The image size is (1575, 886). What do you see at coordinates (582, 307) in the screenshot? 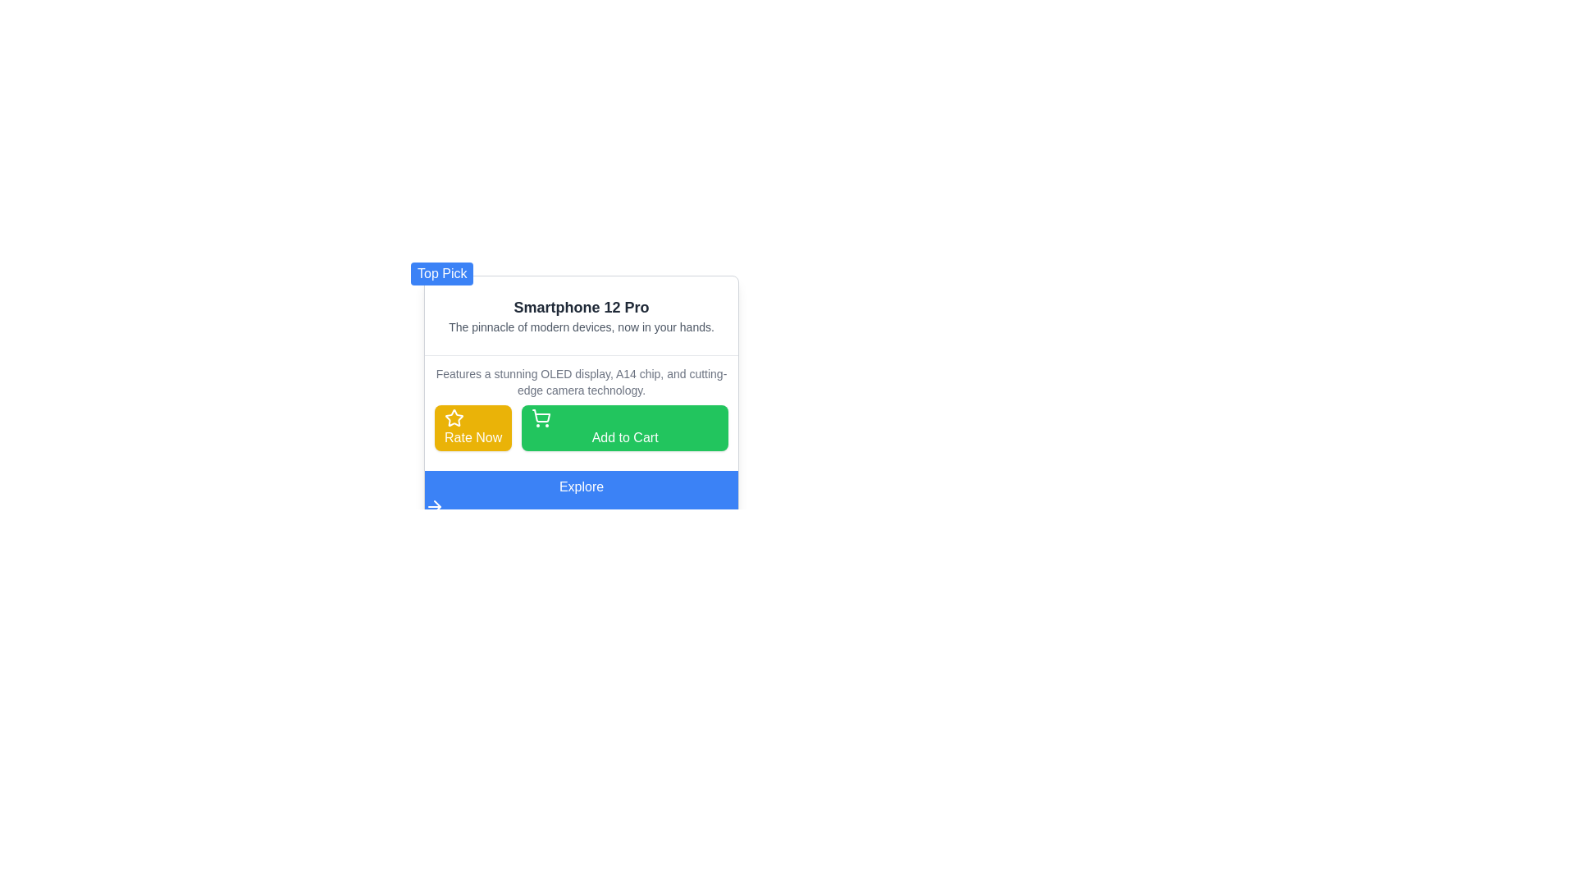
I see `the Text Label that serves as the title or headline for the card, which is located at the center of the card UI component` at bounding box center [582, 307].